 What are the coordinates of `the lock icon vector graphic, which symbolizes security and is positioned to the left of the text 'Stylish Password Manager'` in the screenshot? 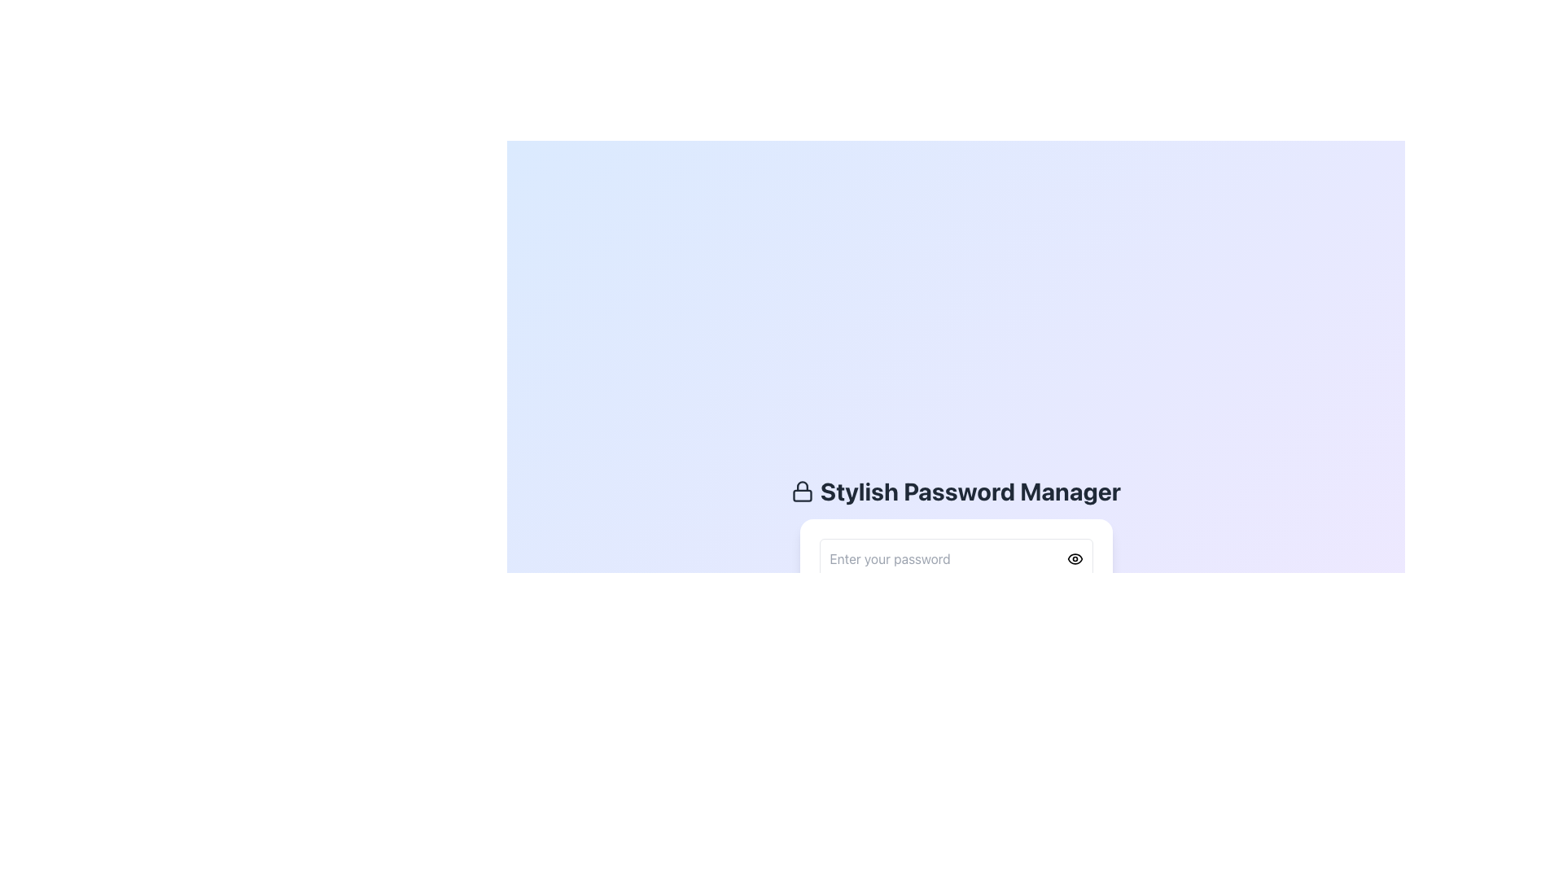 It's located at (802, 491).